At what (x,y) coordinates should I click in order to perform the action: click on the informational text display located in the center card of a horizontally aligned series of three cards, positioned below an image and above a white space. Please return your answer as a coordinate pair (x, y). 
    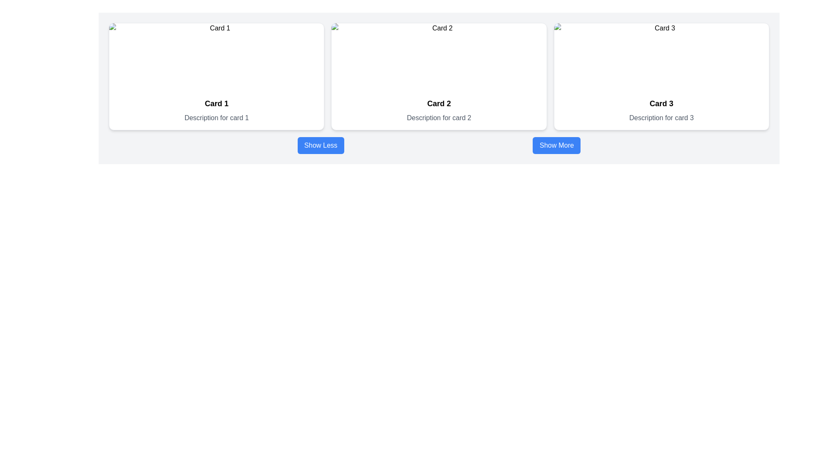
    Looking at the image, I should click on (439, 110).